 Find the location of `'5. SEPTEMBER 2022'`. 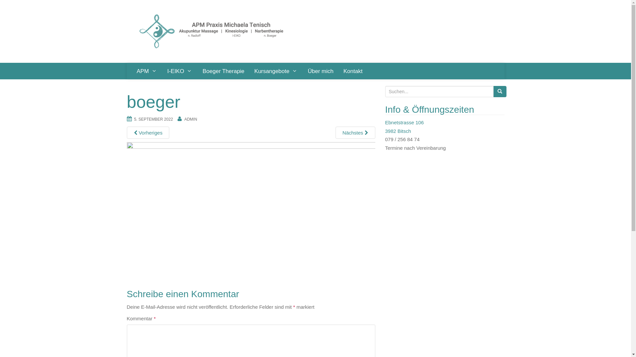

'5. SEPTEMBER 2022' is located at coordinates (153, 119).